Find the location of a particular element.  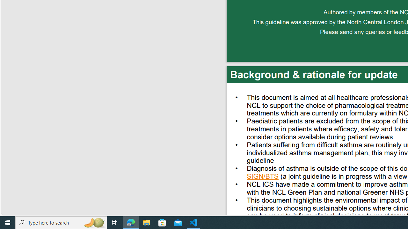

'SIGN/BTS' is located at coordinates (263, 177).